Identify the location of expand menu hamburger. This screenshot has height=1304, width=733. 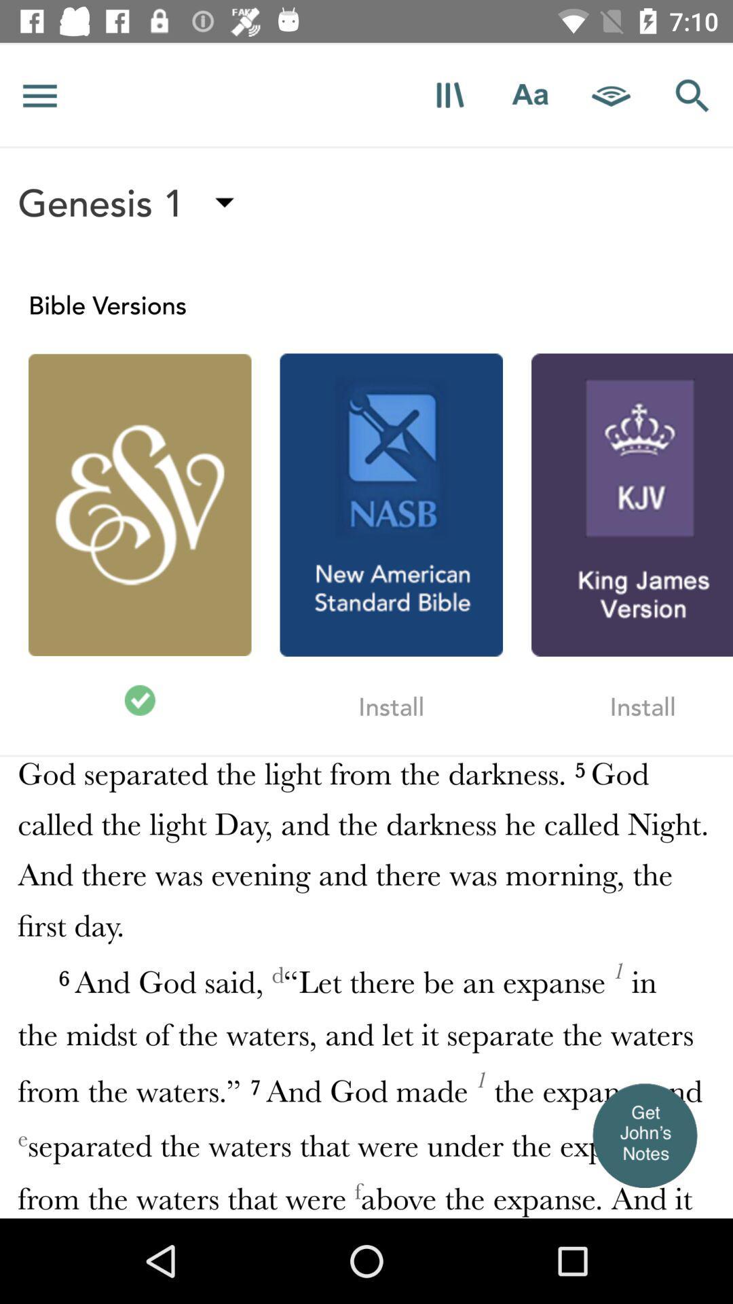
(39, 94).